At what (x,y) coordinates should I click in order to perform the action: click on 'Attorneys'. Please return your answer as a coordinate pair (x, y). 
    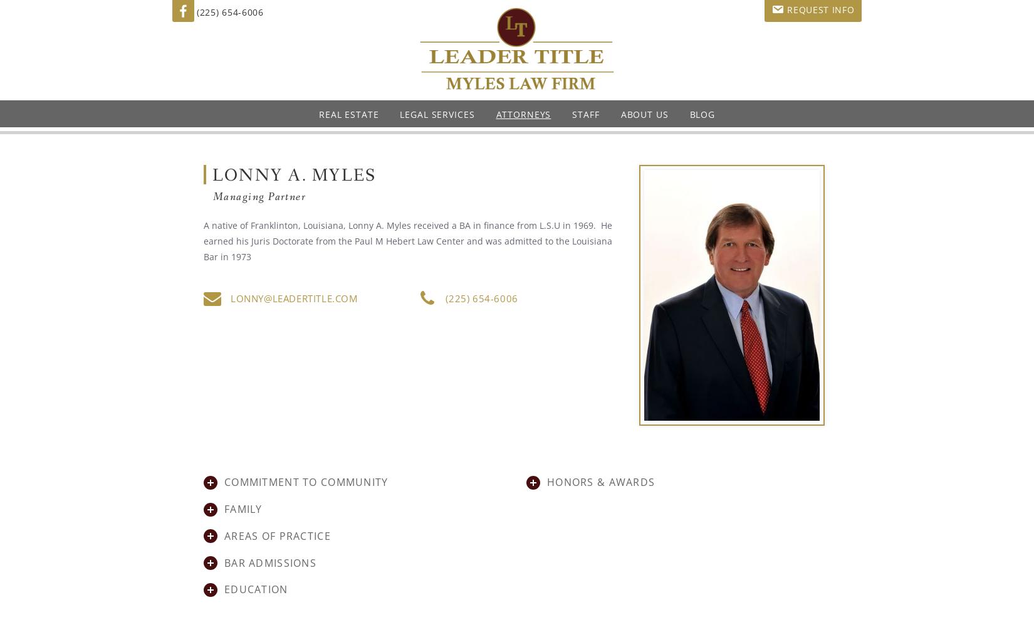
    Looking at the image, I should click on (523, 114).